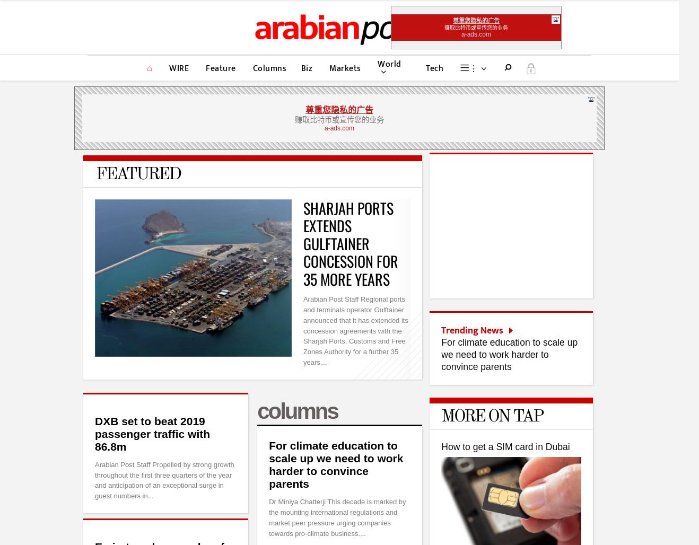 Image resolution: width=699 pixels, height=545 pixels. What do you see at coordinates (339, 514) in the screenshot?
I see `'Your Ad here'` at bounding box center [339, 514].